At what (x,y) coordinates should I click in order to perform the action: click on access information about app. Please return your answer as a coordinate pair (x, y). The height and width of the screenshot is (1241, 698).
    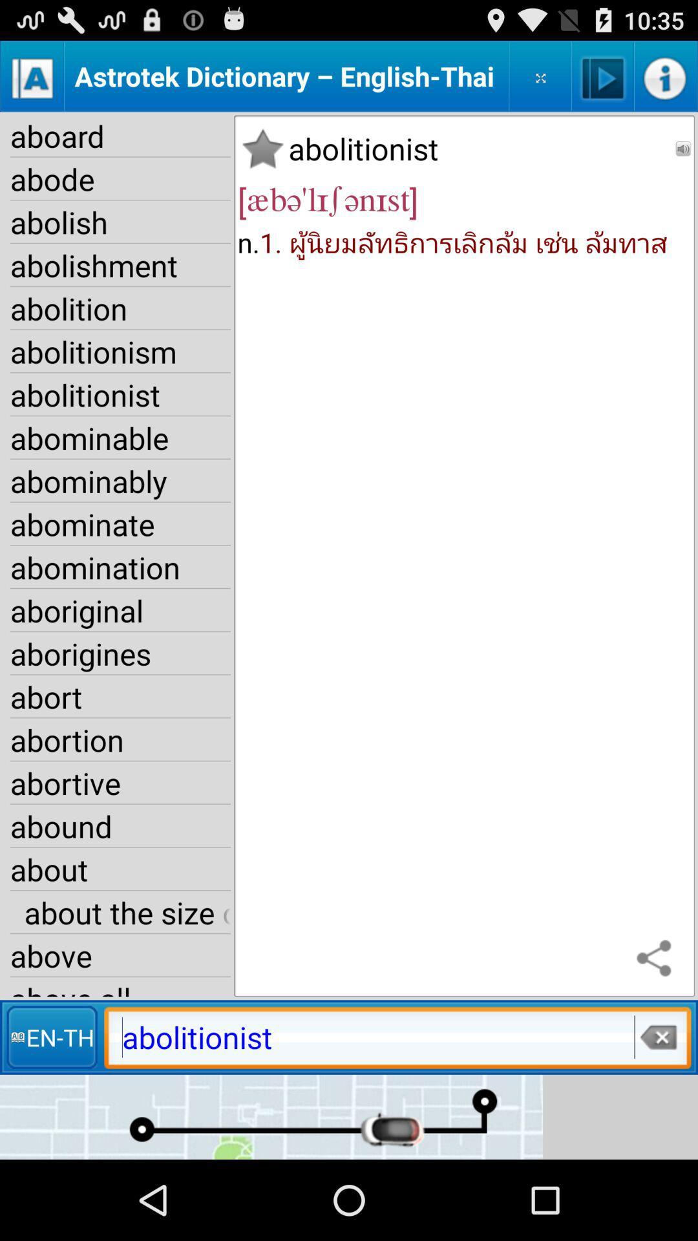
    Looking at the image, I should click on (665, 76).